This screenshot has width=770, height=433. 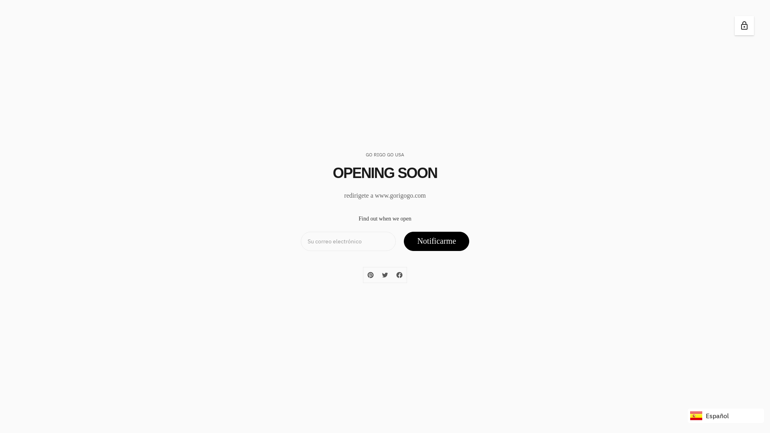 What do you see at coordinates (385, 275) in the screenshot?
I see `'Share to twitter'` at bounding box center [385, 275].